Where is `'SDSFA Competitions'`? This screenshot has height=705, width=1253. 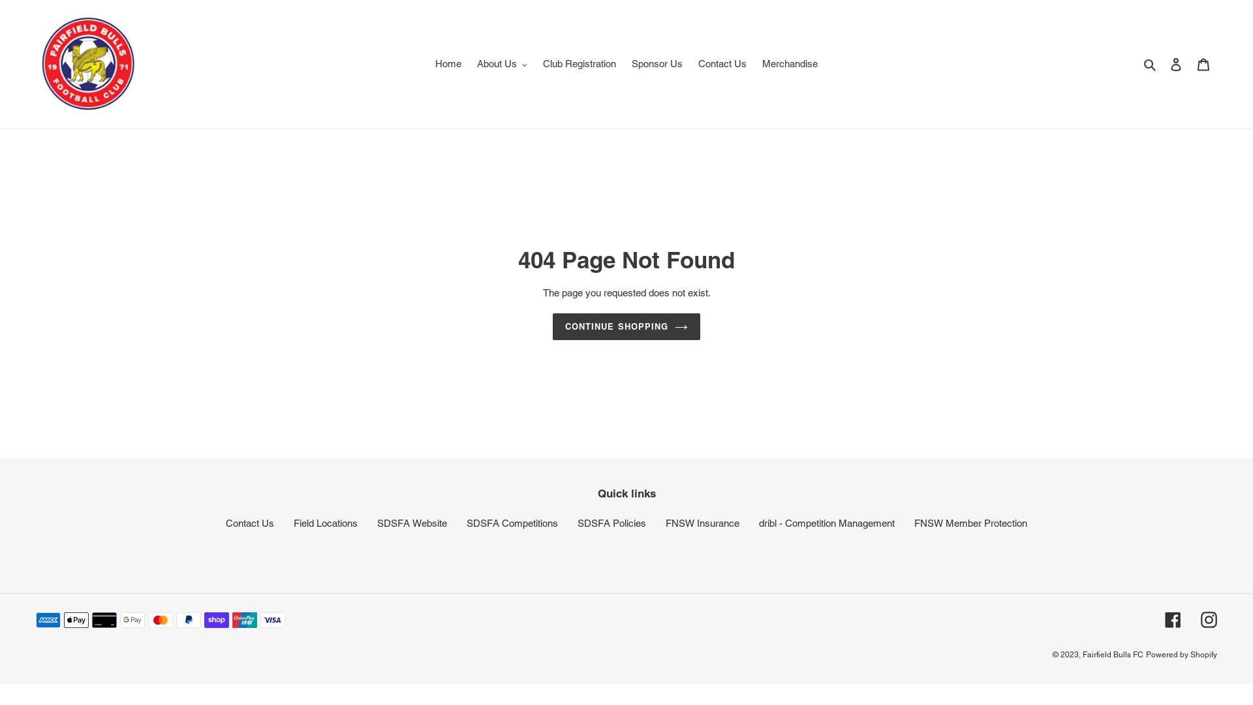
'SDSFA Competitions' is located at coordinates (512, 522).